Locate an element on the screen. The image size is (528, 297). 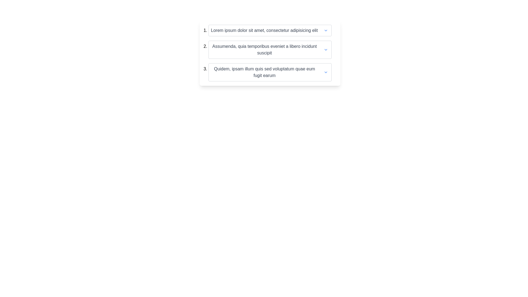
the second item is located at coordinates (270, 50).